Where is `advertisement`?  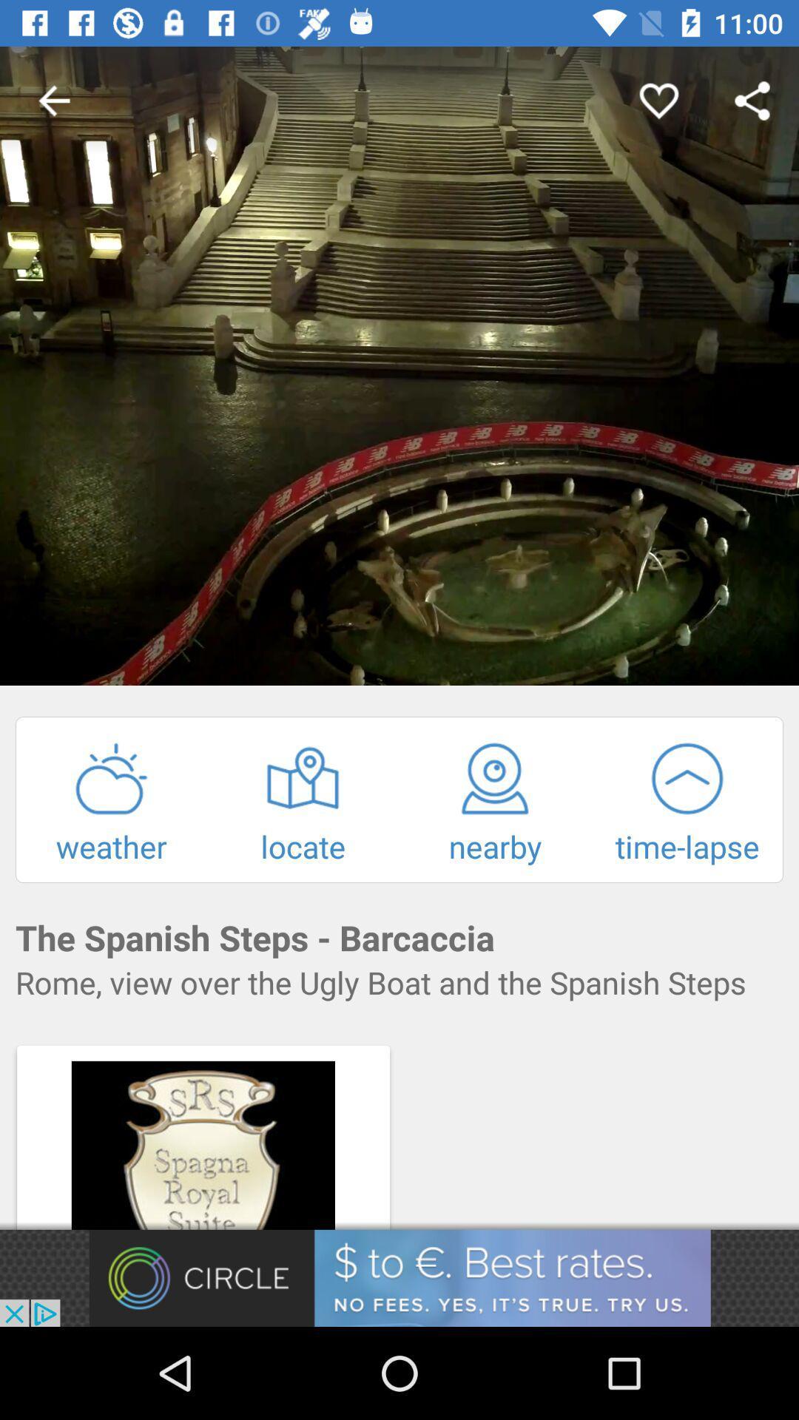
advertisement is located at coordinates (399, 1277).